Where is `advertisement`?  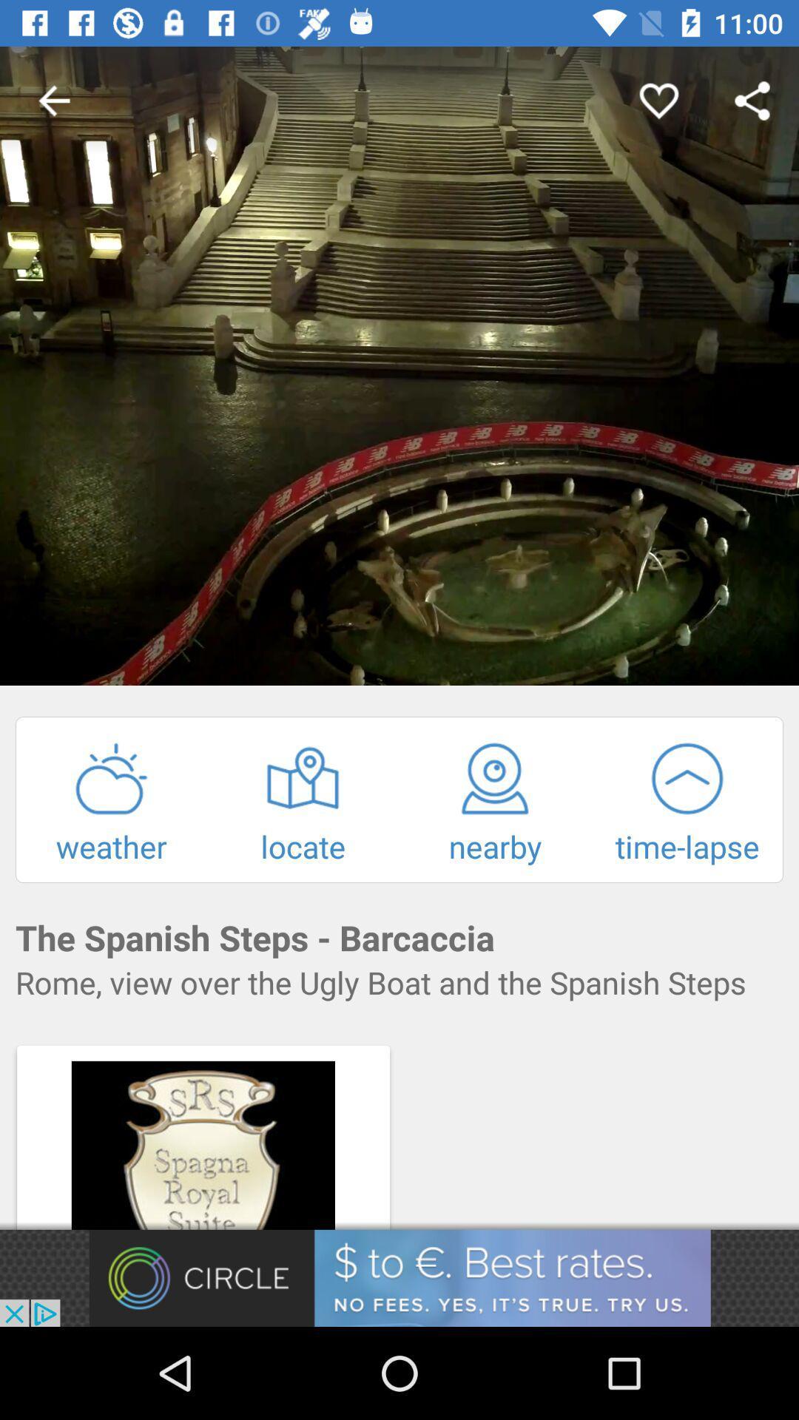
advertisement is located at coordinates (399, 1277).